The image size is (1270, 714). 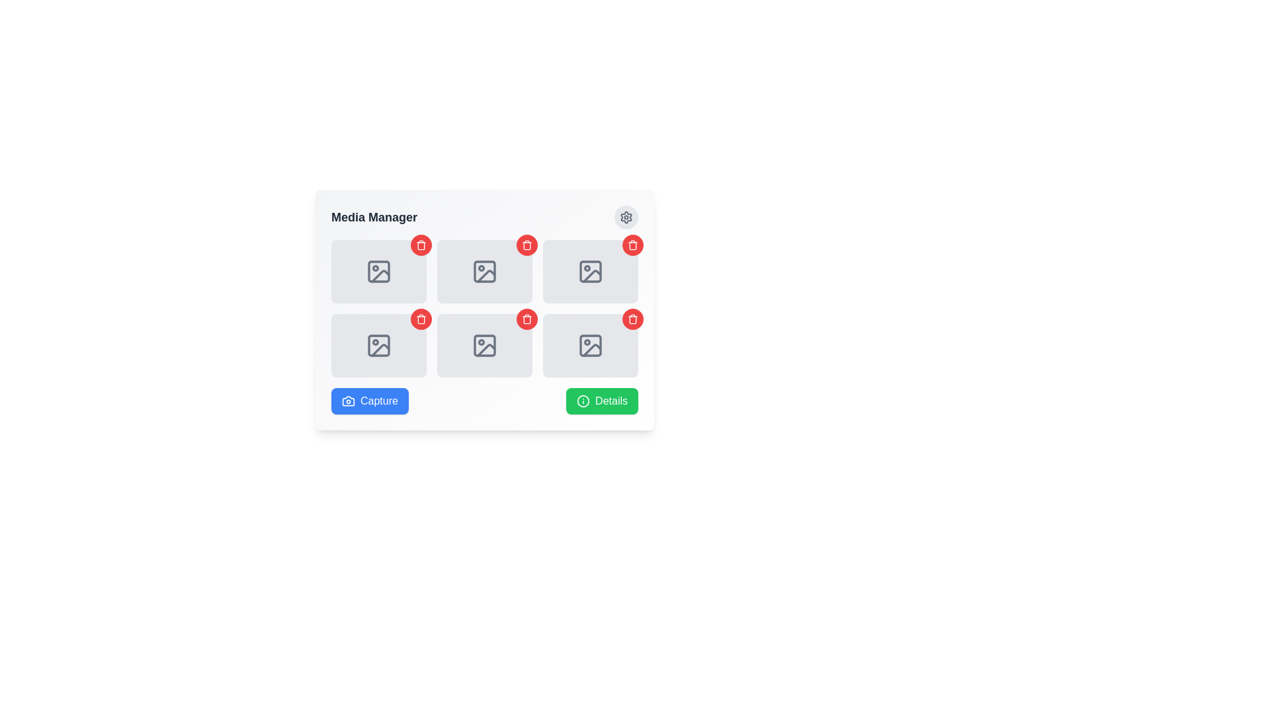 I want to click on the green button labeled 'Details' with an 'i' icon, so click(x=601, y=400).